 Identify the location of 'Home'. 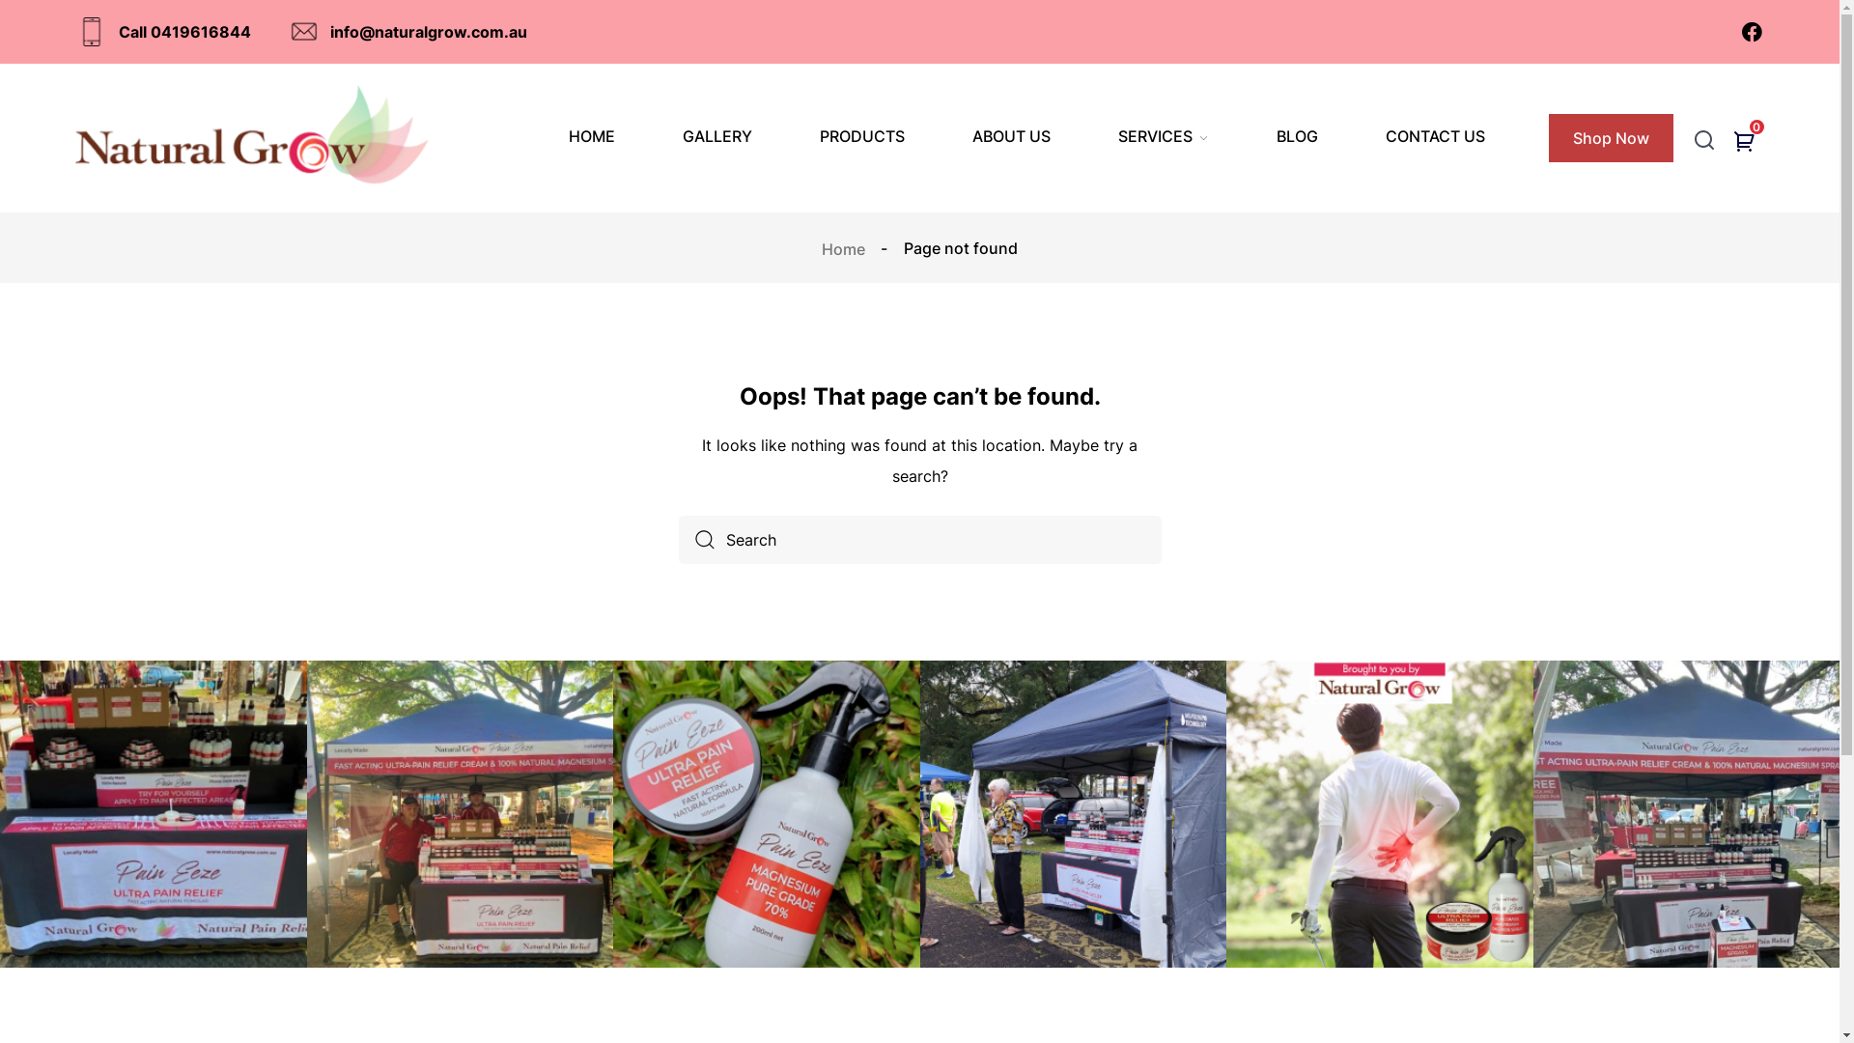
(845, 247).